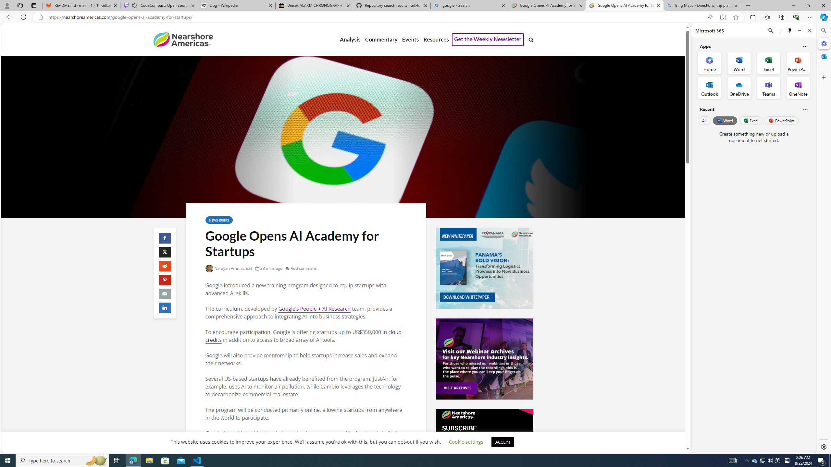 The image size is (831, 467). I want to click on 'propanama-whitepaper_1_sidead.png', so click(484, 268).